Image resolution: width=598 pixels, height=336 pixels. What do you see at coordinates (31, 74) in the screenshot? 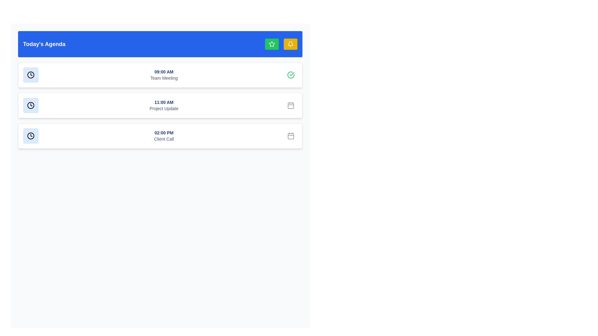
I see `the decorative SVG Circle that is part of the clock icon in the top-left corner of the first event entry under 'Today's Agenda'` at bounding box center [31, 74].